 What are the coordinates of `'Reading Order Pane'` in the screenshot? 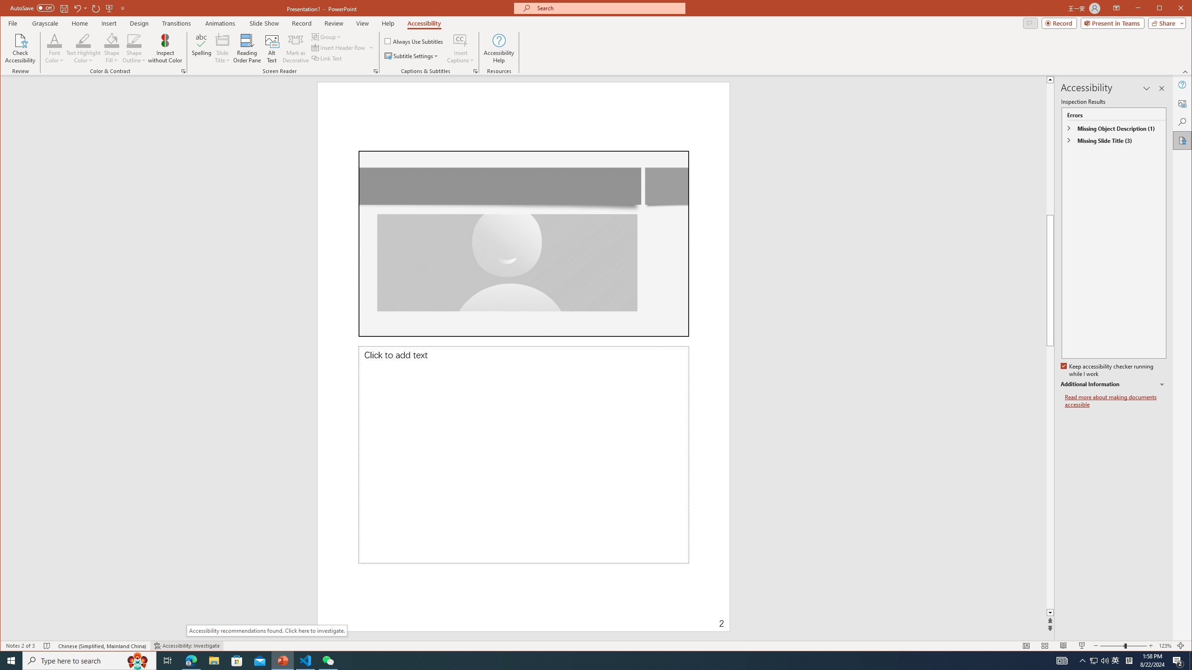 It's located at (247, 48).